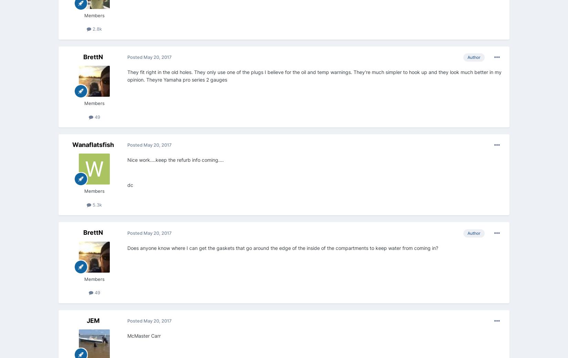 This screenshot has height=358, width=568. I want to click on 'JEM', so click(86, 320).